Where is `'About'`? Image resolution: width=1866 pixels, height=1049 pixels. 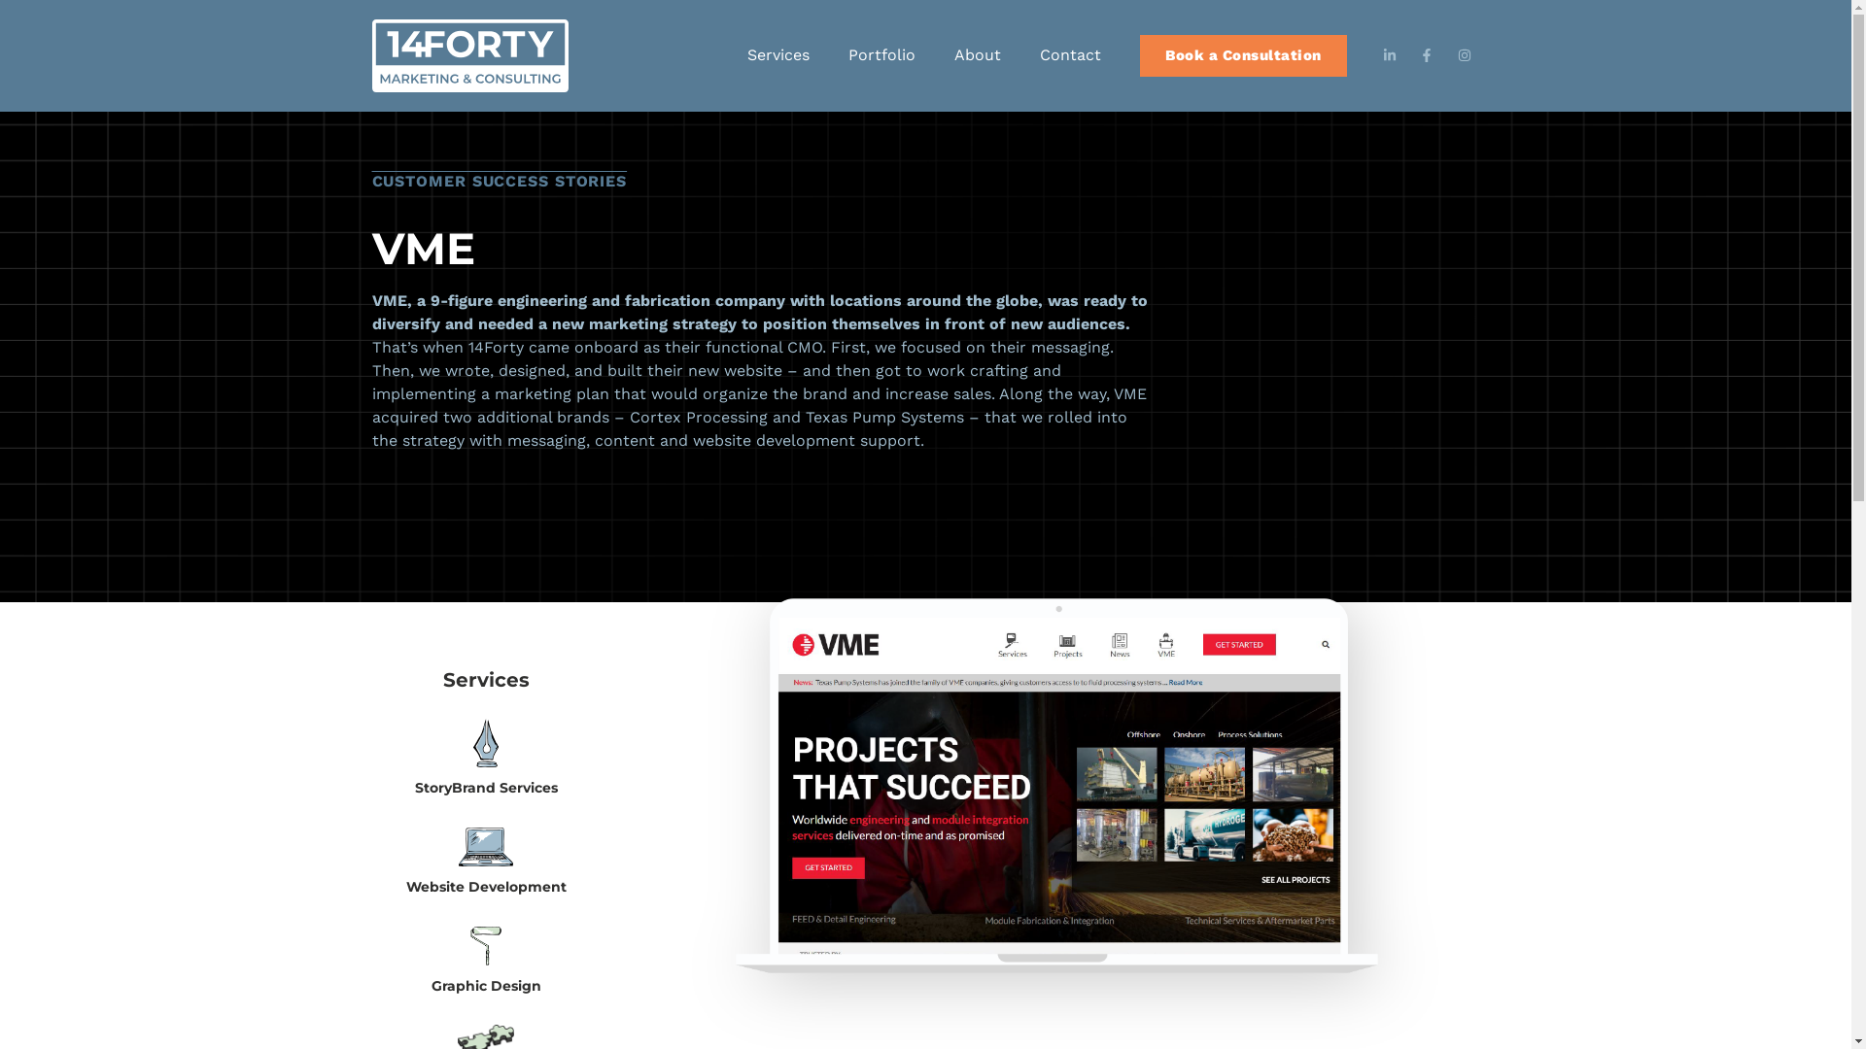 'About' is located at coordinates (978, 54).